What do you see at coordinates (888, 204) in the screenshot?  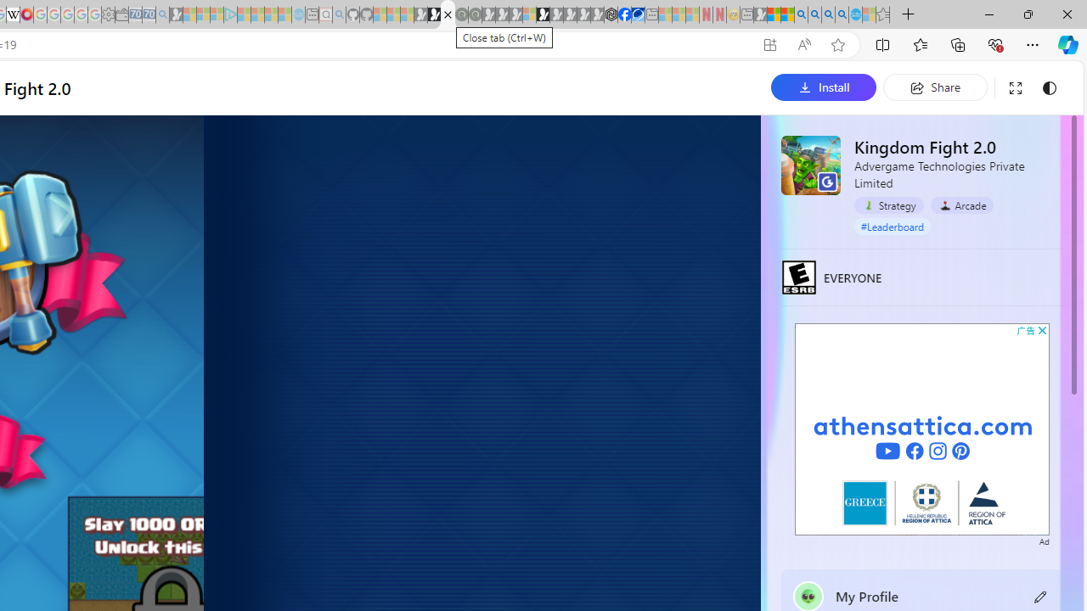 I see `'Strategy'` at bounding box center [888, 204].